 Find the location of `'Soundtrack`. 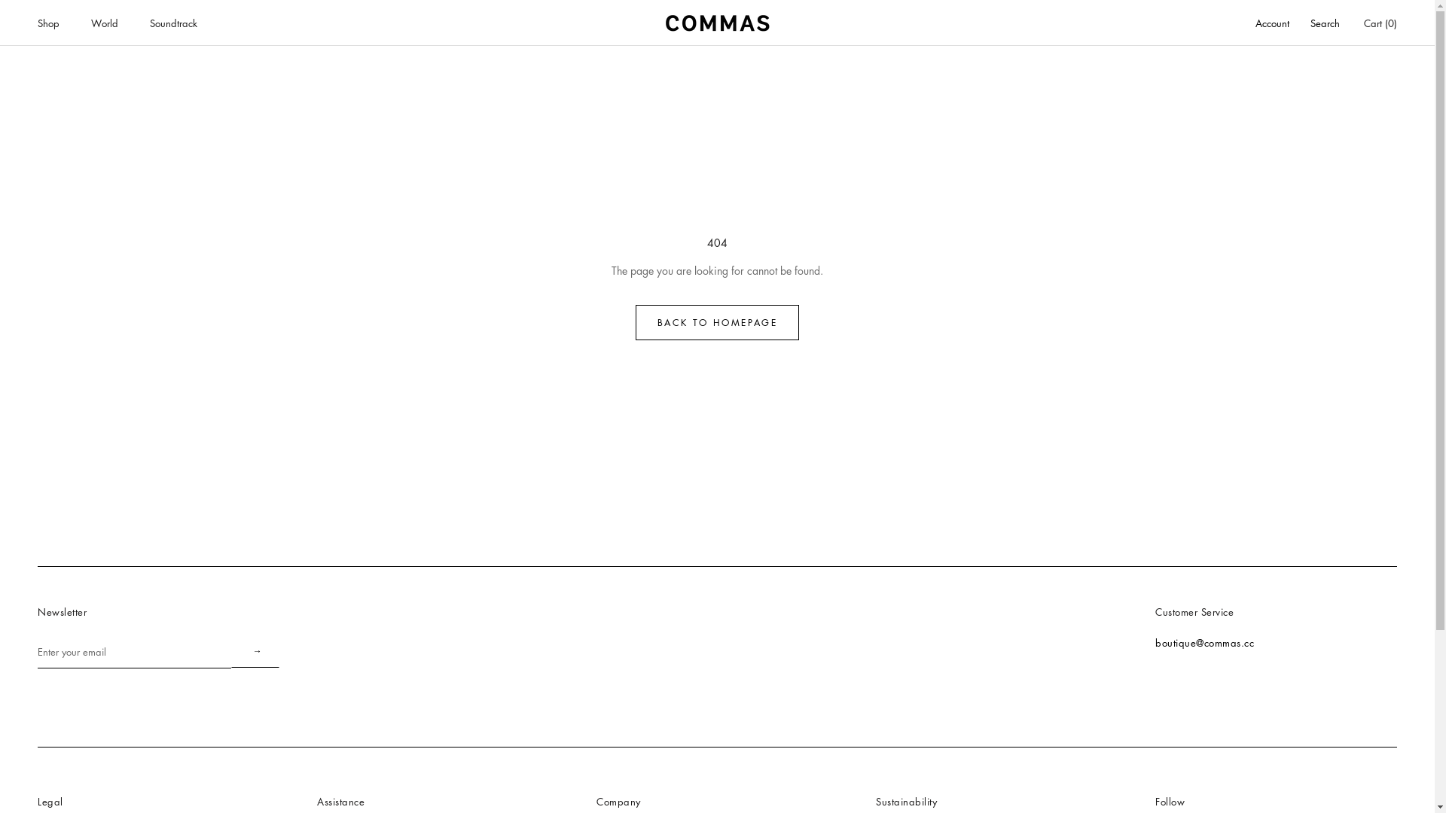

'Soundtrack is located at coordinates (173, 23).